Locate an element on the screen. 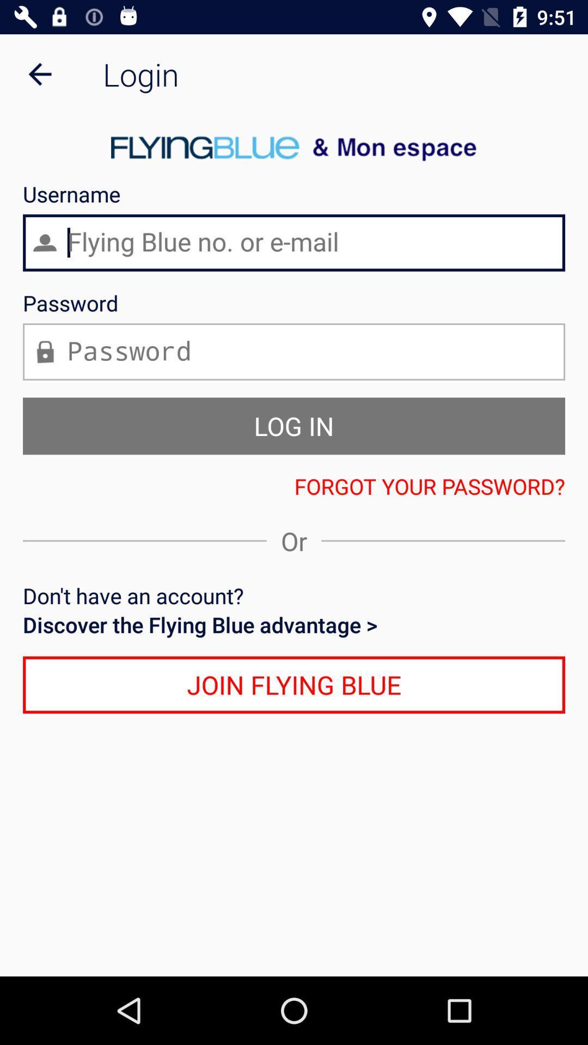  the icon next to login is located at coordinates (39, 73).